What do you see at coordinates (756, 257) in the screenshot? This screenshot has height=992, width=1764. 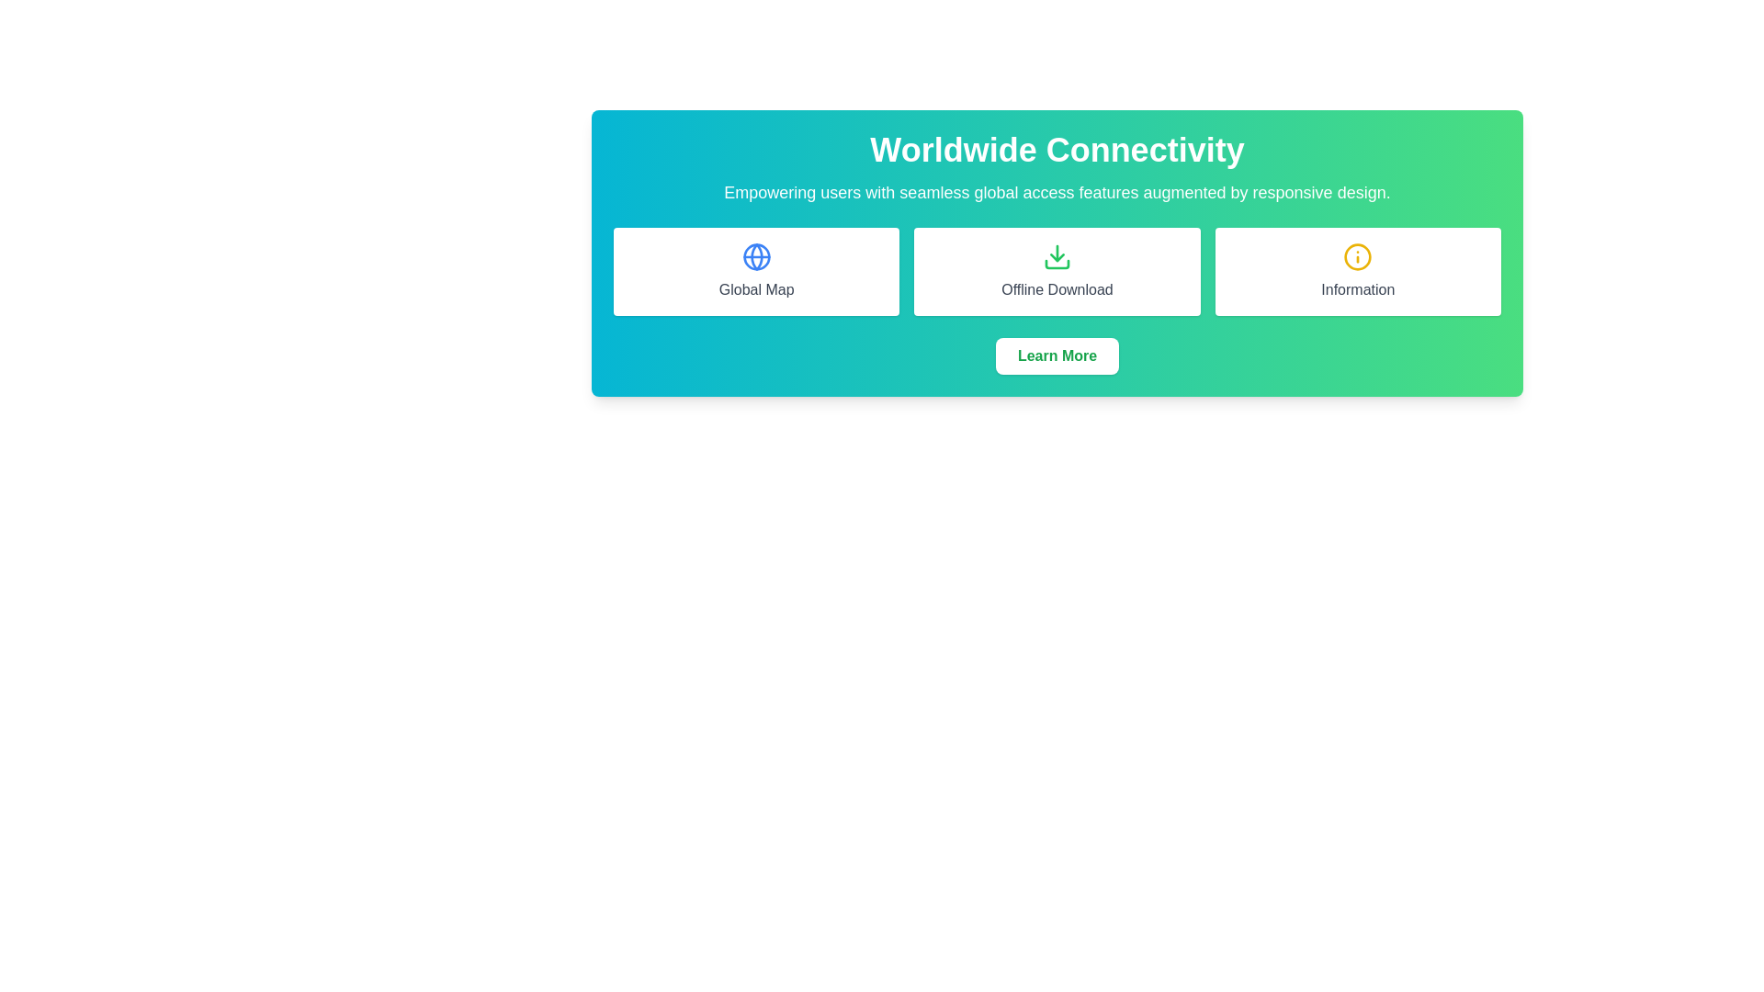 I see `the decorative icon symbolizing global connectivity, which is centered within the 'Global Map' button, for aesthetic information` at bounding box center [756, 257].